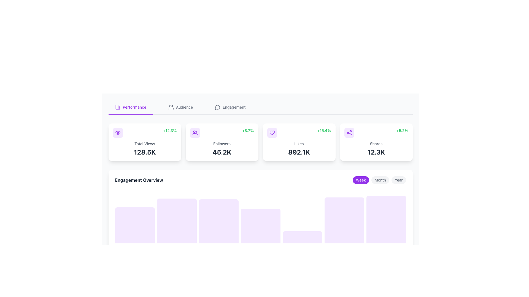 This screenshot has width=529, height=297. I want to click on the Visual Card with a light purple background that has rounded top corners, located in the fourth position of a row of seven components, so click(260, 226).